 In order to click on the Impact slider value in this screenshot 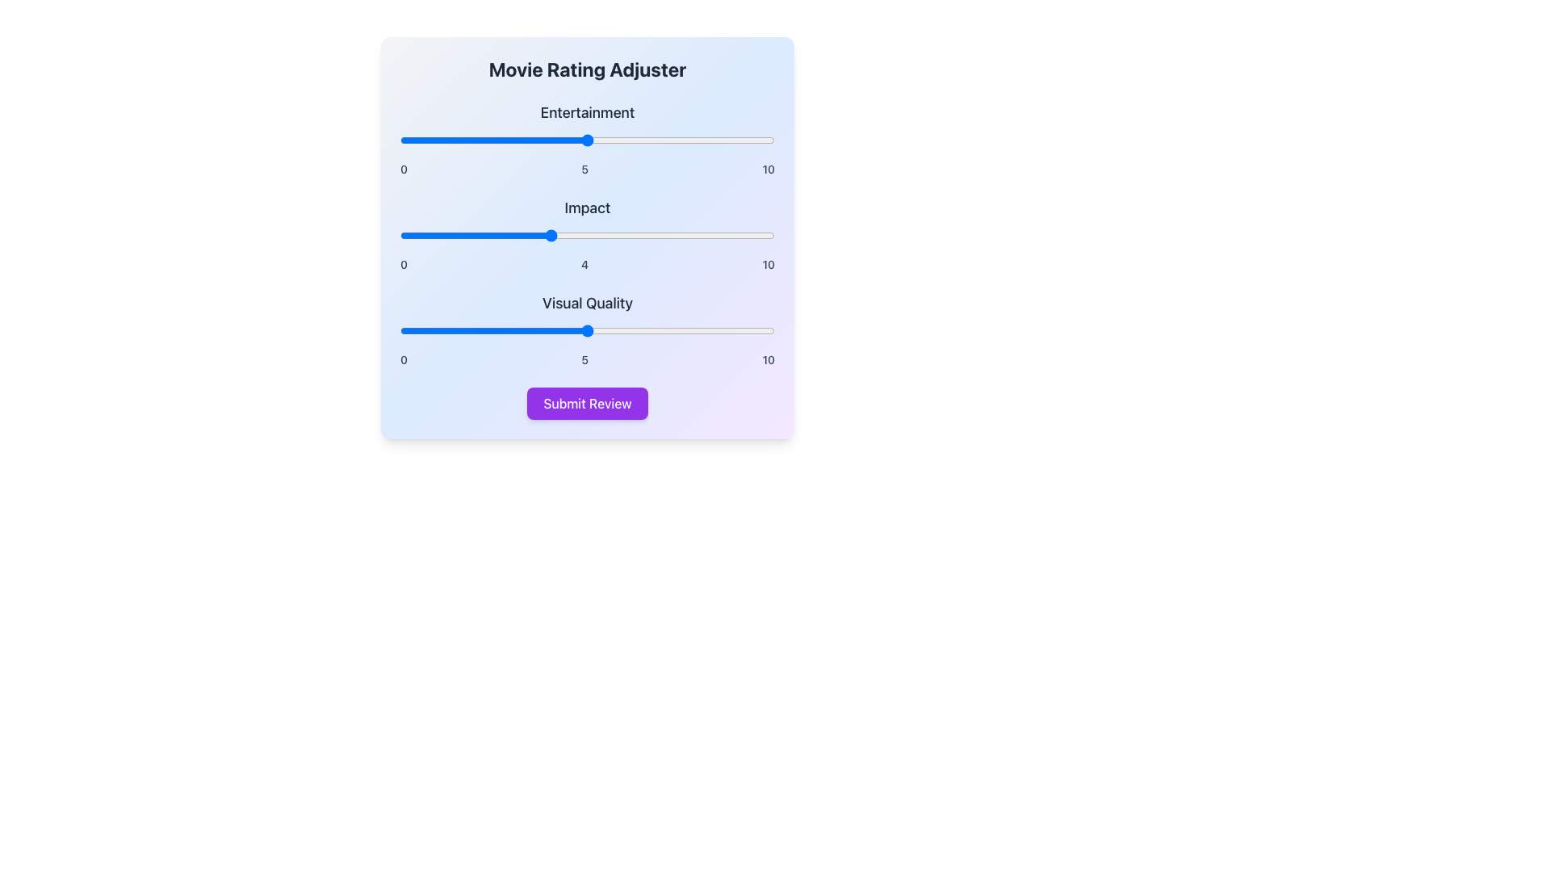, I will do `click(512, 236)`.